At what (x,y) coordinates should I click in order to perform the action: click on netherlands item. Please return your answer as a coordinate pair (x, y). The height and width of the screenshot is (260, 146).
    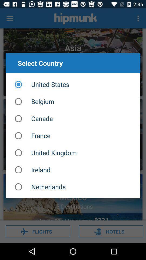
    Looking at the image, I should click on (73, 187).